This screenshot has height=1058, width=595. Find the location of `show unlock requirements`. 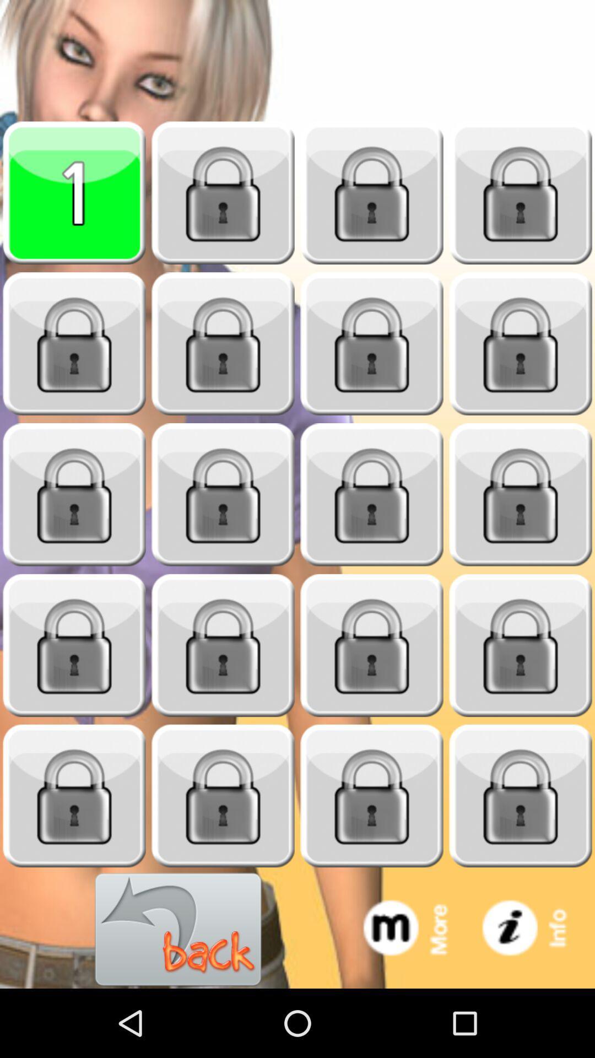

show unlock requirements is located at coordinates (521, 494).